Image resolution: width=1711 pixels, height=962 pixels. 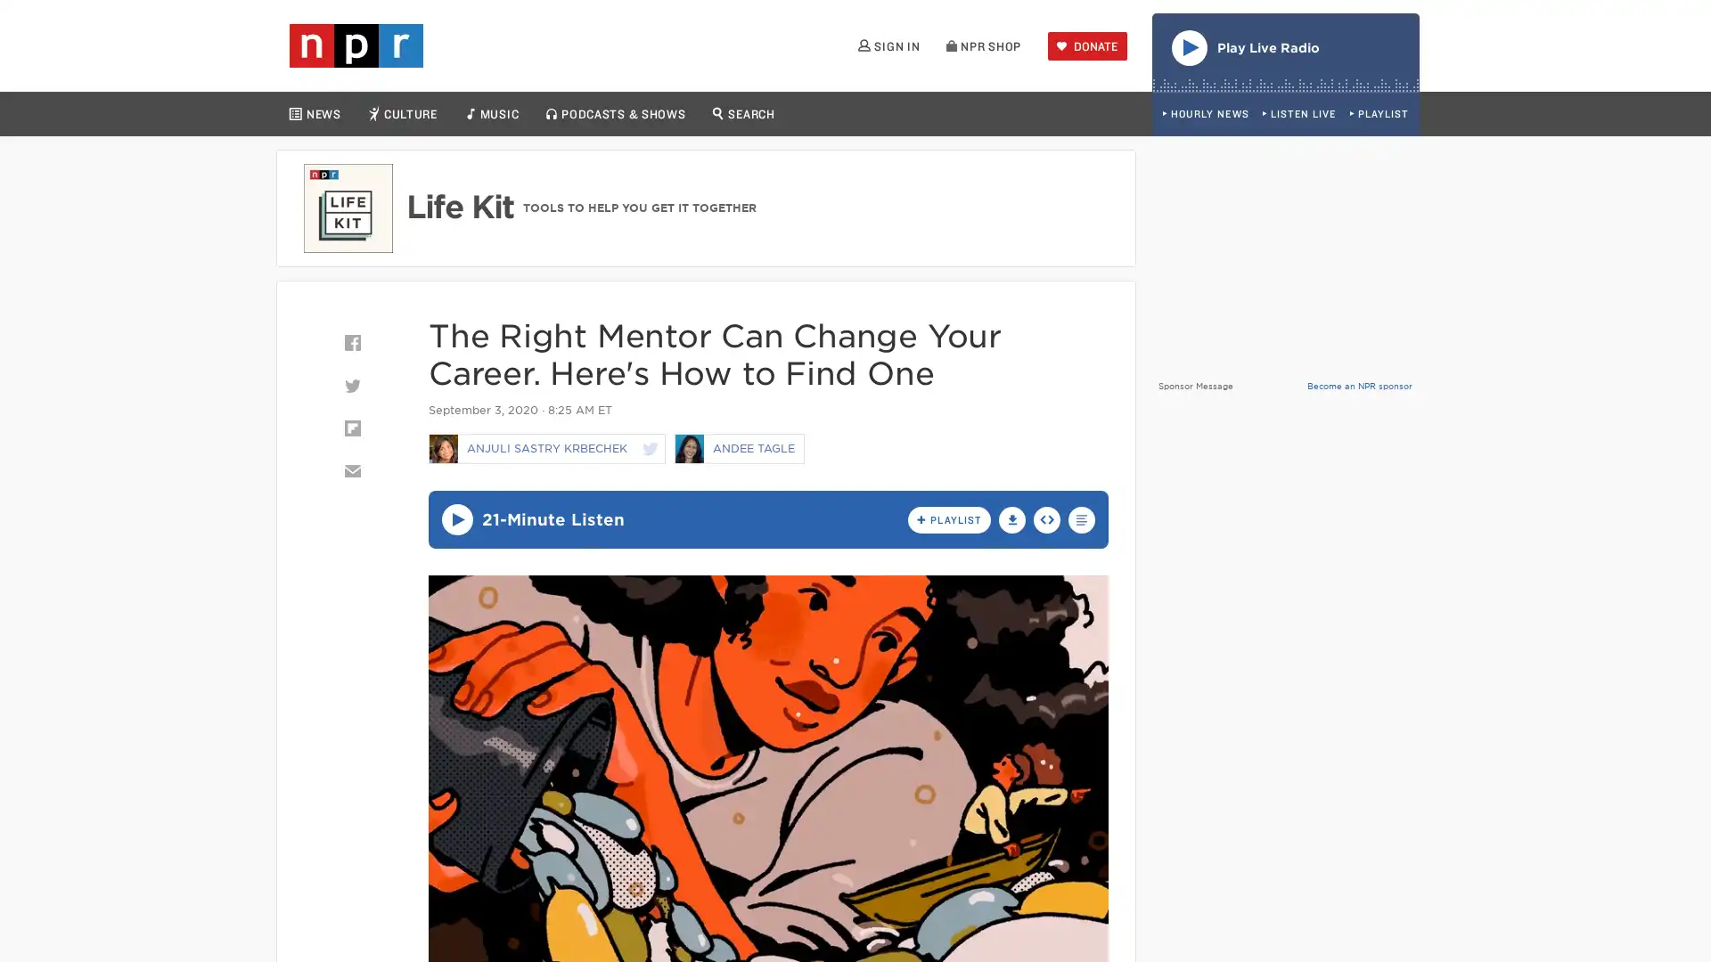 What do you see at coordinates (351, 428) in the screenshot?
I see `Flipboard` at bounding box center [351, 428].